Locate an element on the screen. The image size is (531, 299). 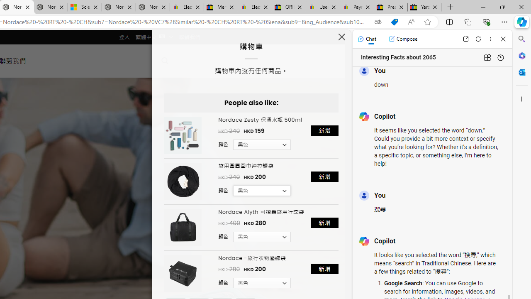
'User Privacy Notice | eBay' is located at coordinates (322, 7).